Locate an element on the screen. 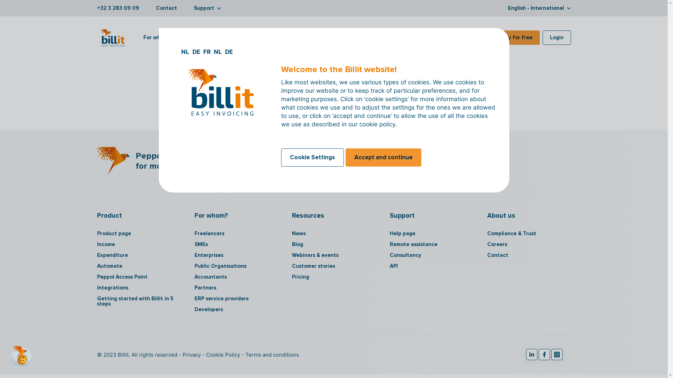 The image size is (673, 378). 'cookie policy' is located at coordinates (376, 124).